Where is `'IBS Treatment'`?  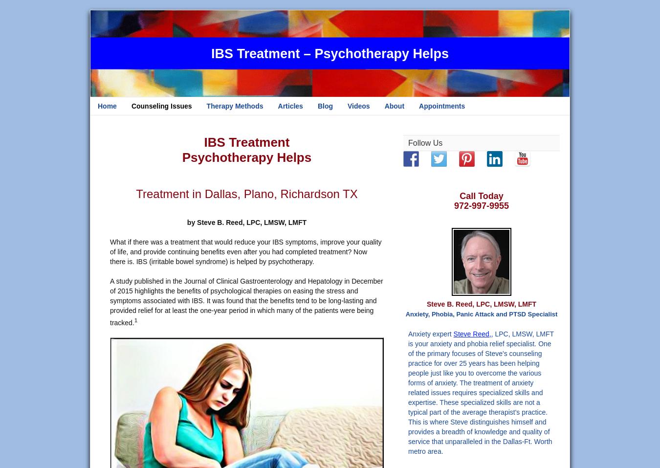 'IBS Treatment' is located at coordinates (246, 142).